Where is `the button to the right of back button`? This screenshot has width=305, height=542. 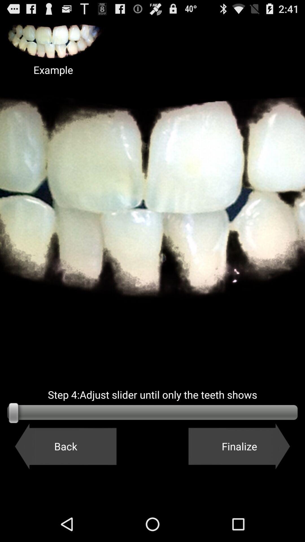 the button to the right of back button is located at coordinates (239, 446).